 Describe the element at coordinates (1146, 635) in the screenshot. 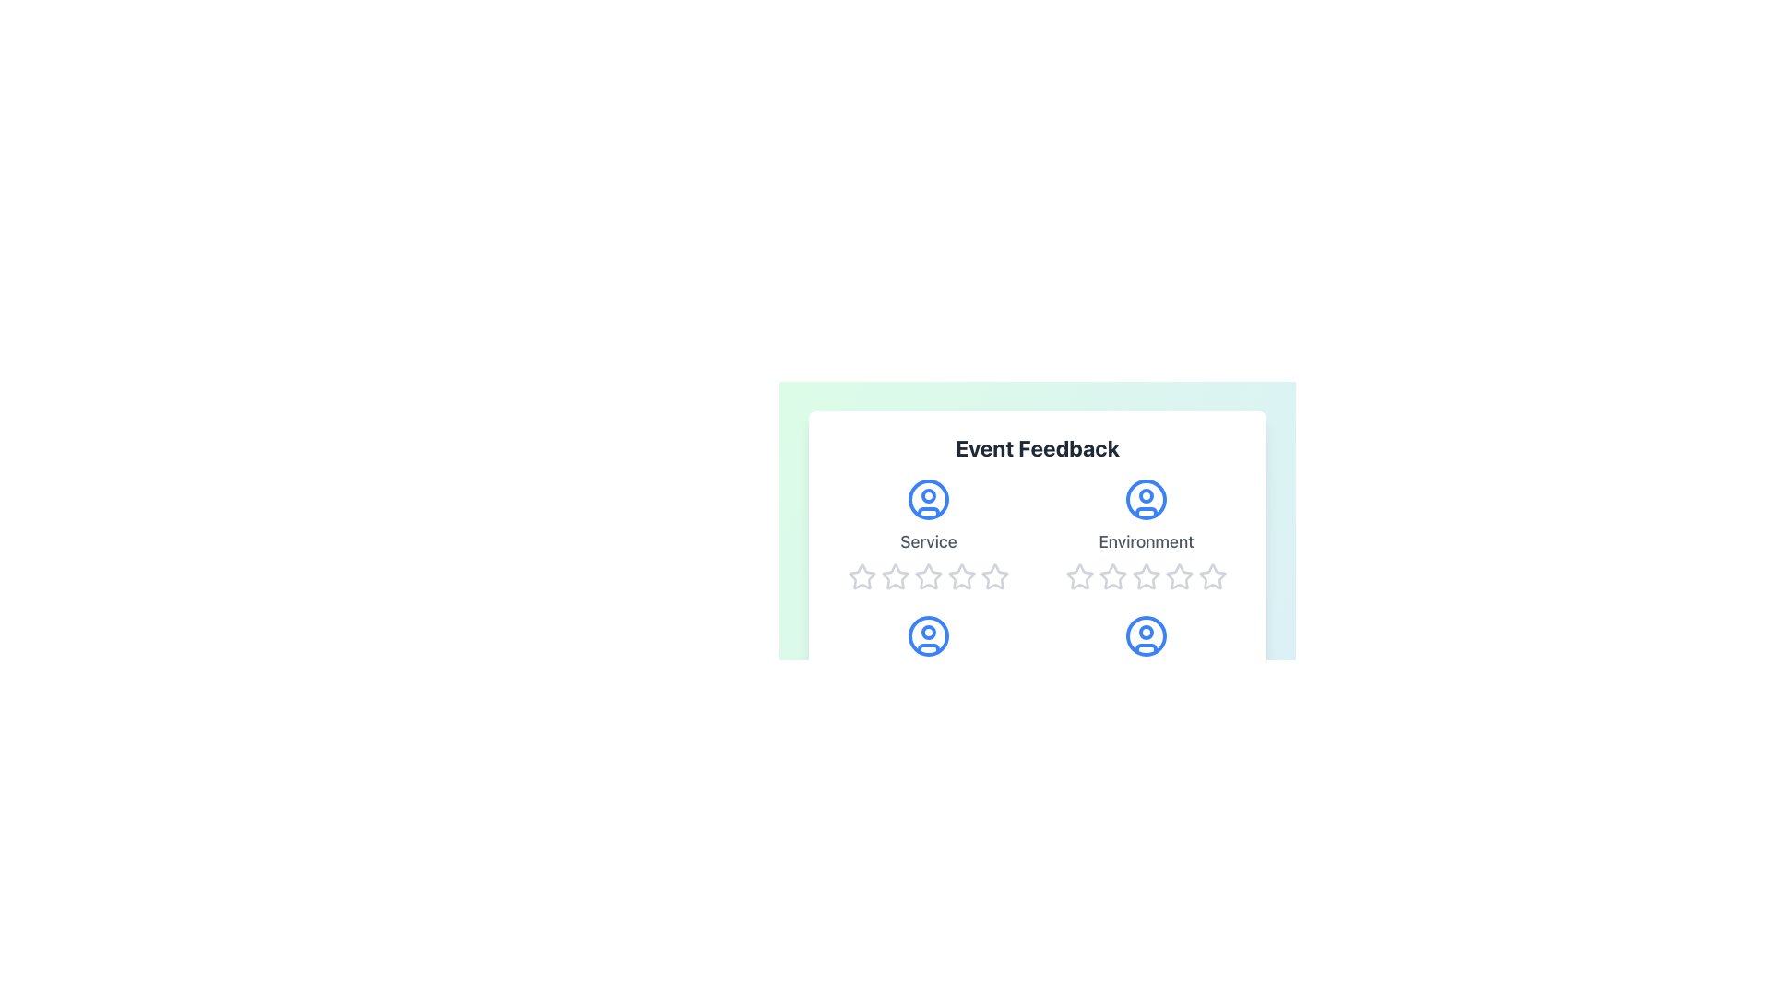

I see `the largest outer circle of the user avatar icon in the bottom-right corner of the feedback panel` at that location.